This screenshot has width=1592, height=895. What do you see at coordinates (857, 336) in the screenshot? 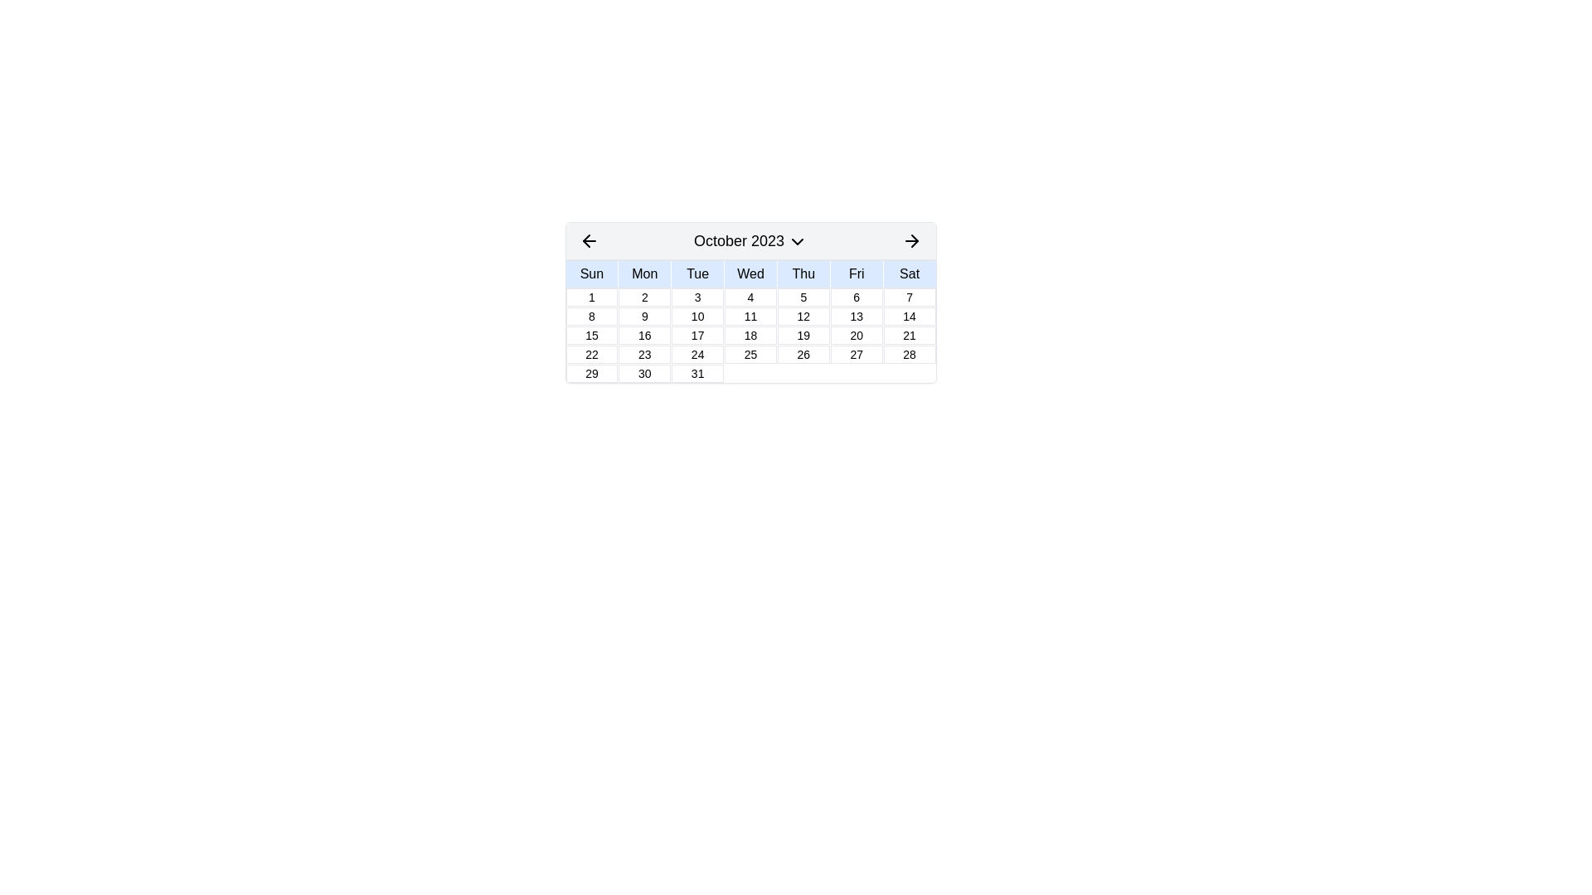
I see `the calendar cell displaying the number '20' located in the sixth column (Friday) of the row corresponding to dates 15 to 21` at bounding box center [857, 336].